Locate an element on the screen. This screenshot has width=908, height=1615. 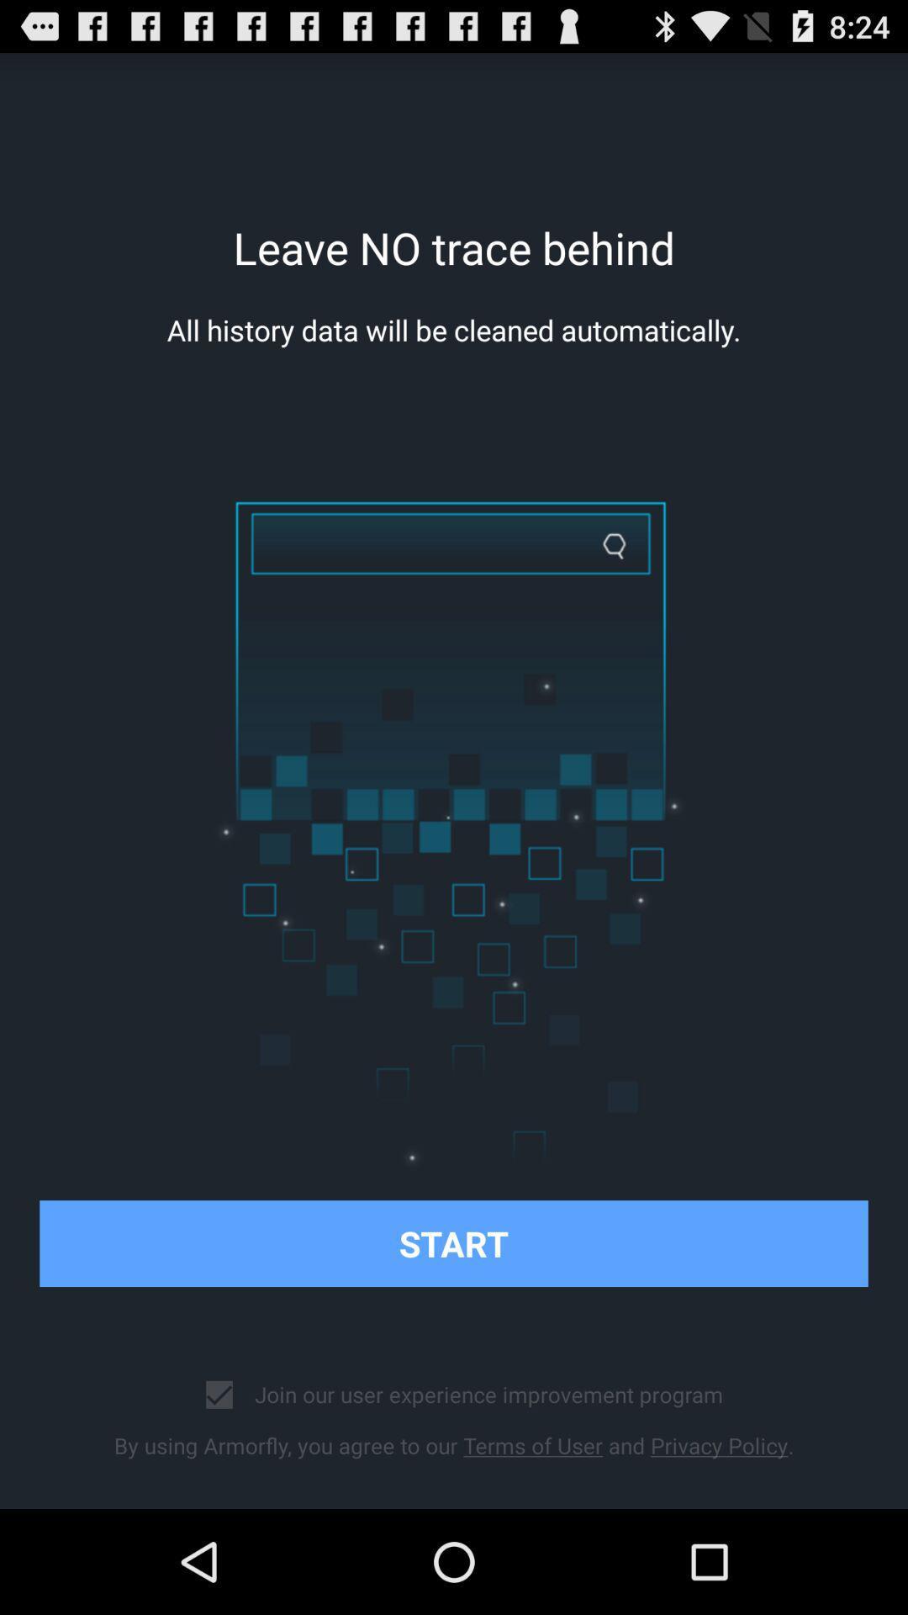
the by using armorfly icon is located at coordinates (454, 1444).